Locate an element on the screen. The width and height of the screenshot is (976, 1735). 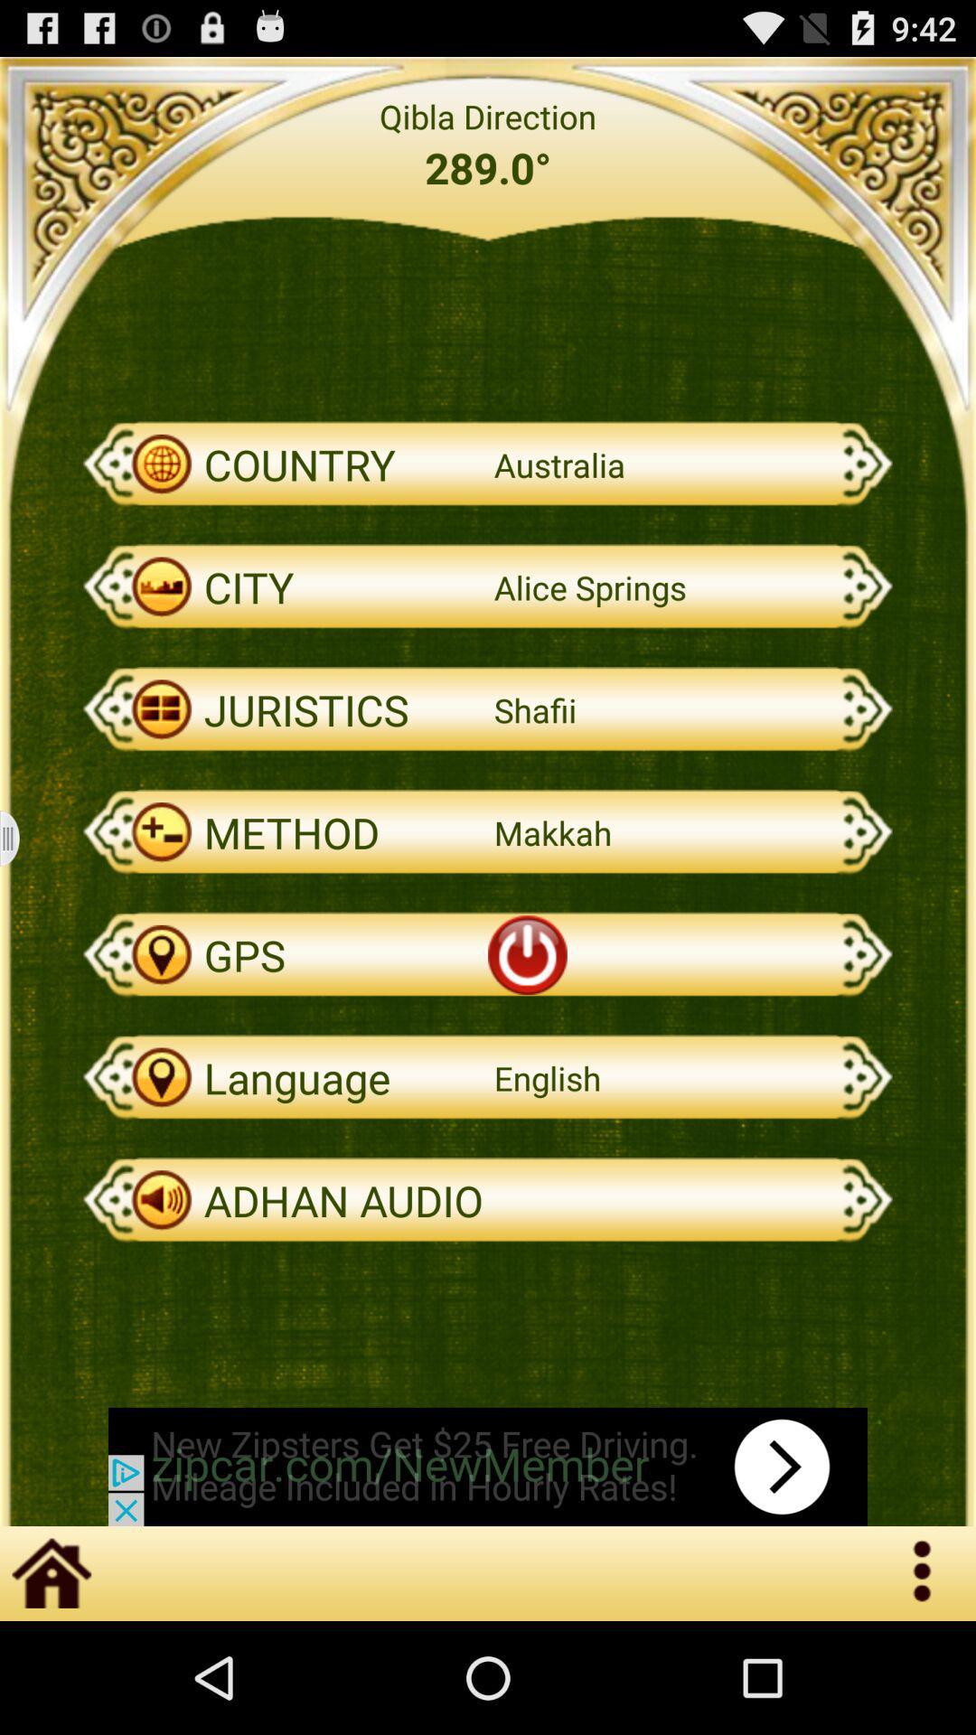
juristics on the page is located at coordinates (488, 709).